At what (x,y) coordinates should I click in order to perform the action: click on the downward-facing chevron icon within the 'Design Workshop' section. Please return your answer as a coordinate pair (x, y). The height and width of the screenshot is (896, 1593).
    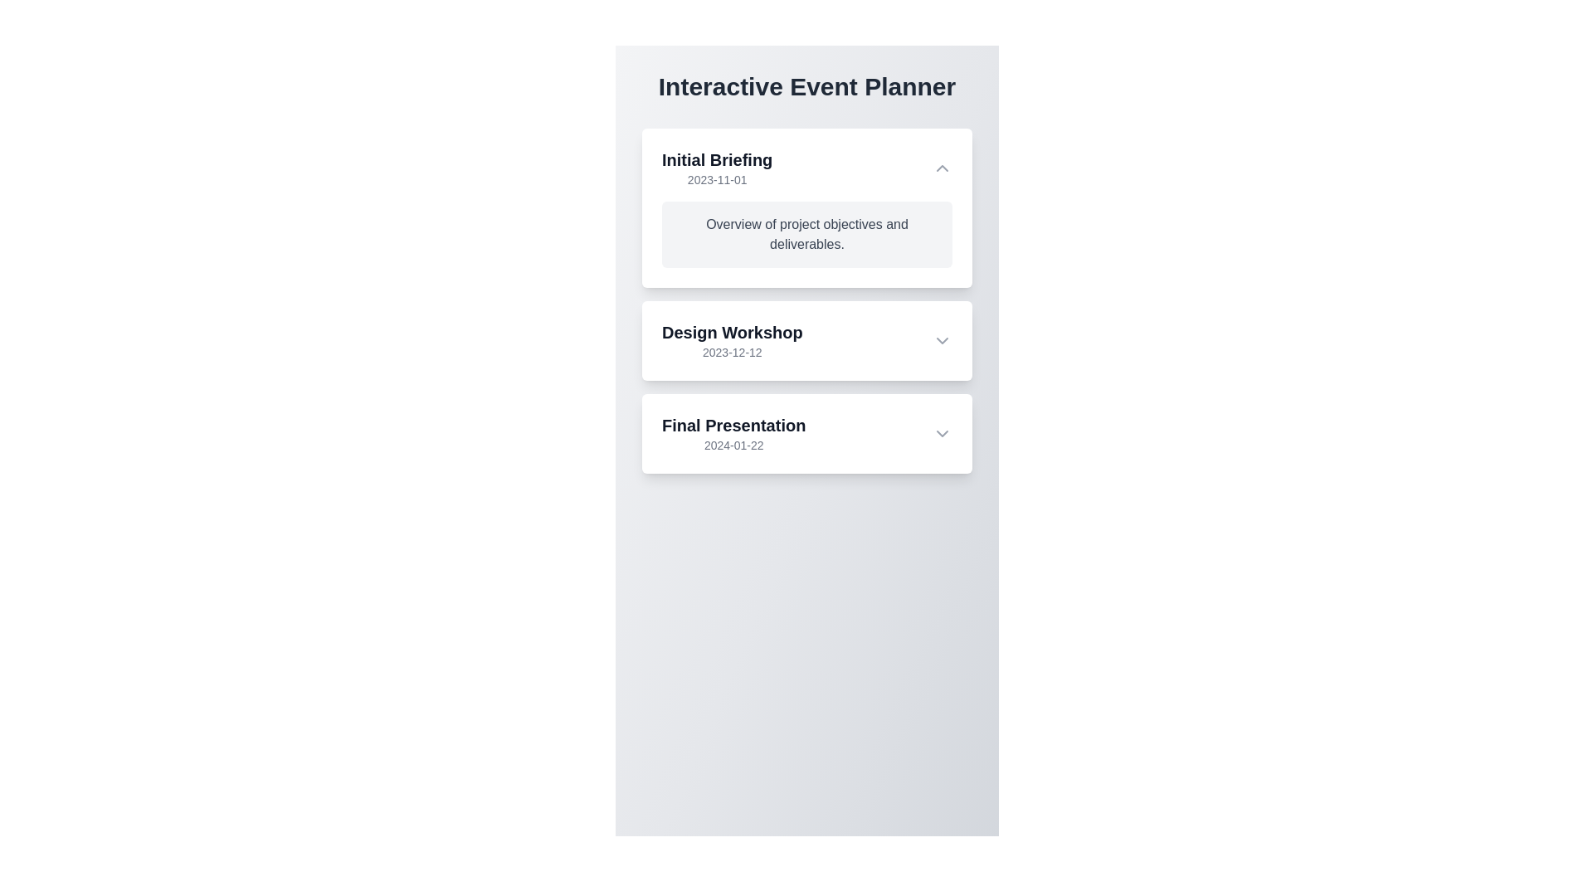
    Looking at the image, I should click on (943, 340).